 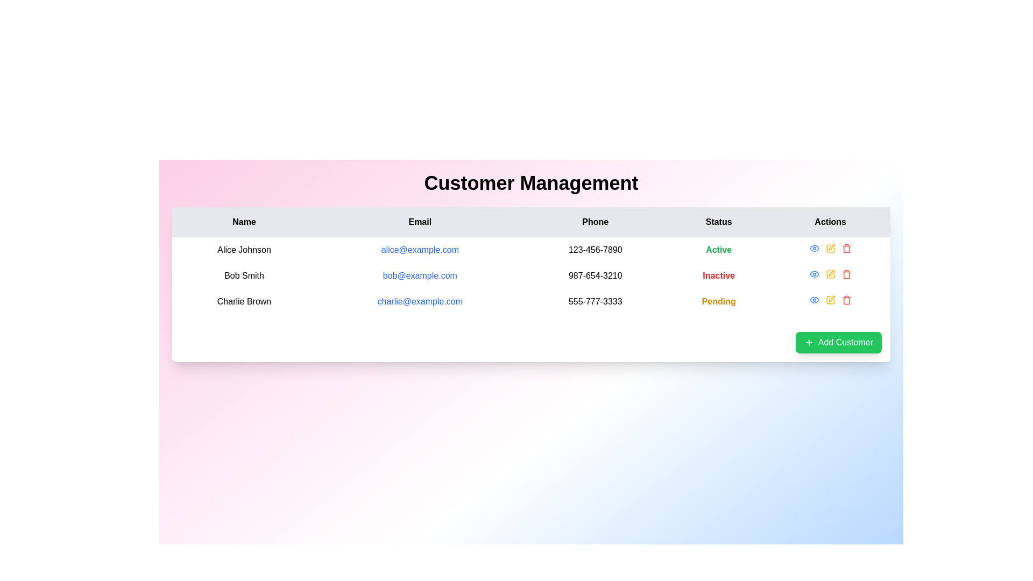 What do you see at coordinates (719, 301) in the screenshot?
I see `the 'Pending' status text label in the 'Status' column for 'Charlie Brown' in the table` at bounding box center [719, 301].